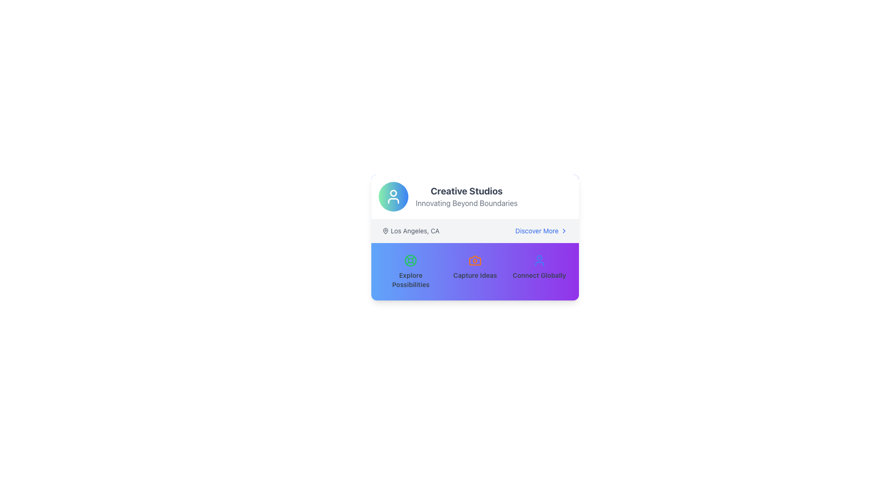 The image size is (890, 500). What do you see at coordinates (414, 230) in the screenshot?
I see `the static text label displaying 'Los Angeles, CA' in dark gray font, which is located to the right of a map pin icon and is part of a card component` at bounding box center [414, 230].